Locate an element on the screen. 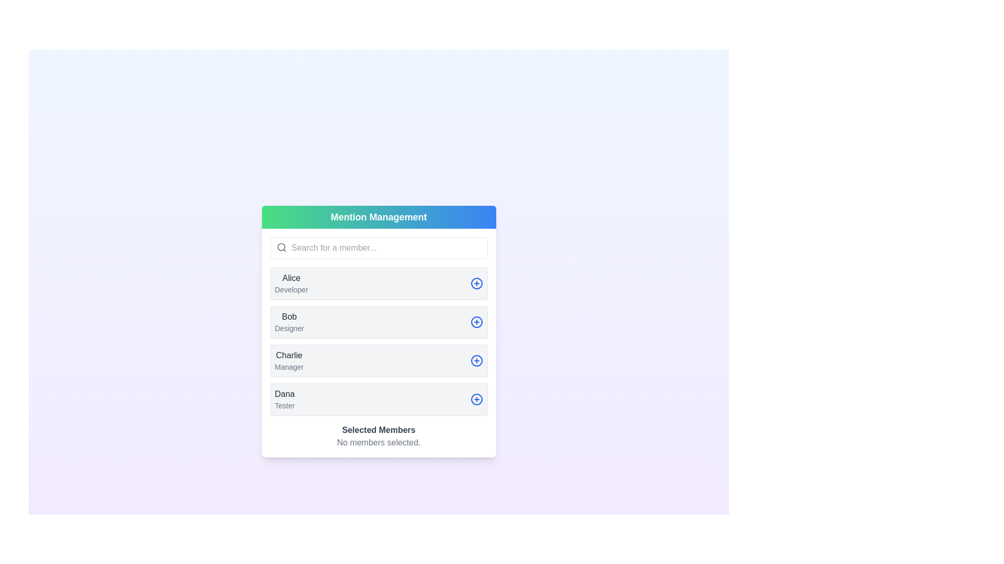 Image resolution: width=1004 pixels, height=564 pixels. the first user profile list item, which includes a plus sign for adding or selecting the profile is located at coordinates (378, 284).